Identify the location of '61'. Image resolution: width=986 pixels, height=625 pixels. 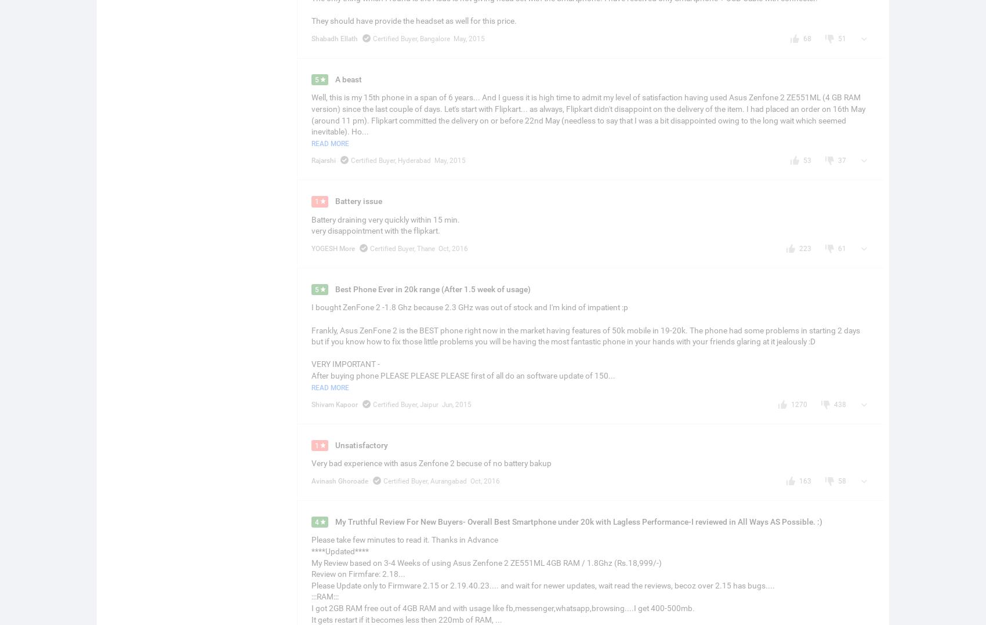
(838, 248).